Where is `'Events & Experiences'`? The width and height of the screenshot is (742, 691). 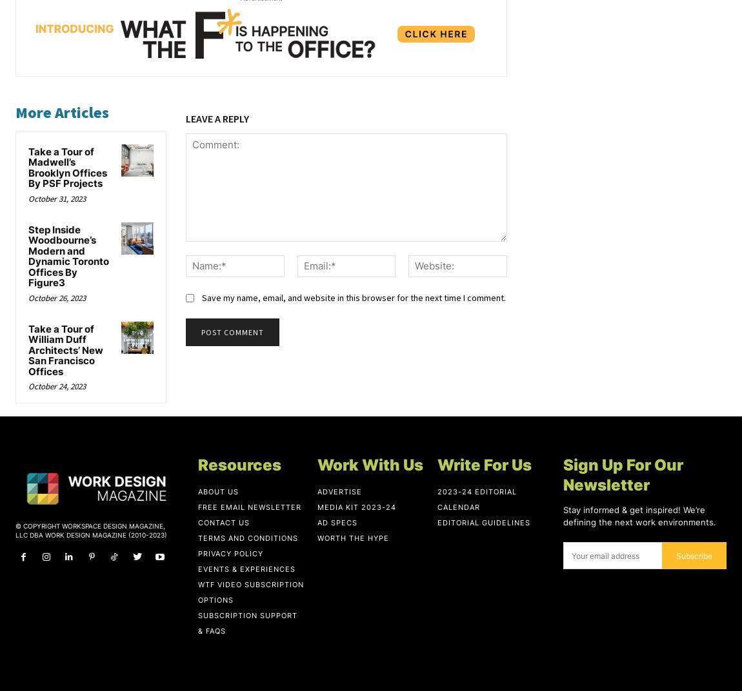
'Events & Experiences' is located at coordinates (198, 569).